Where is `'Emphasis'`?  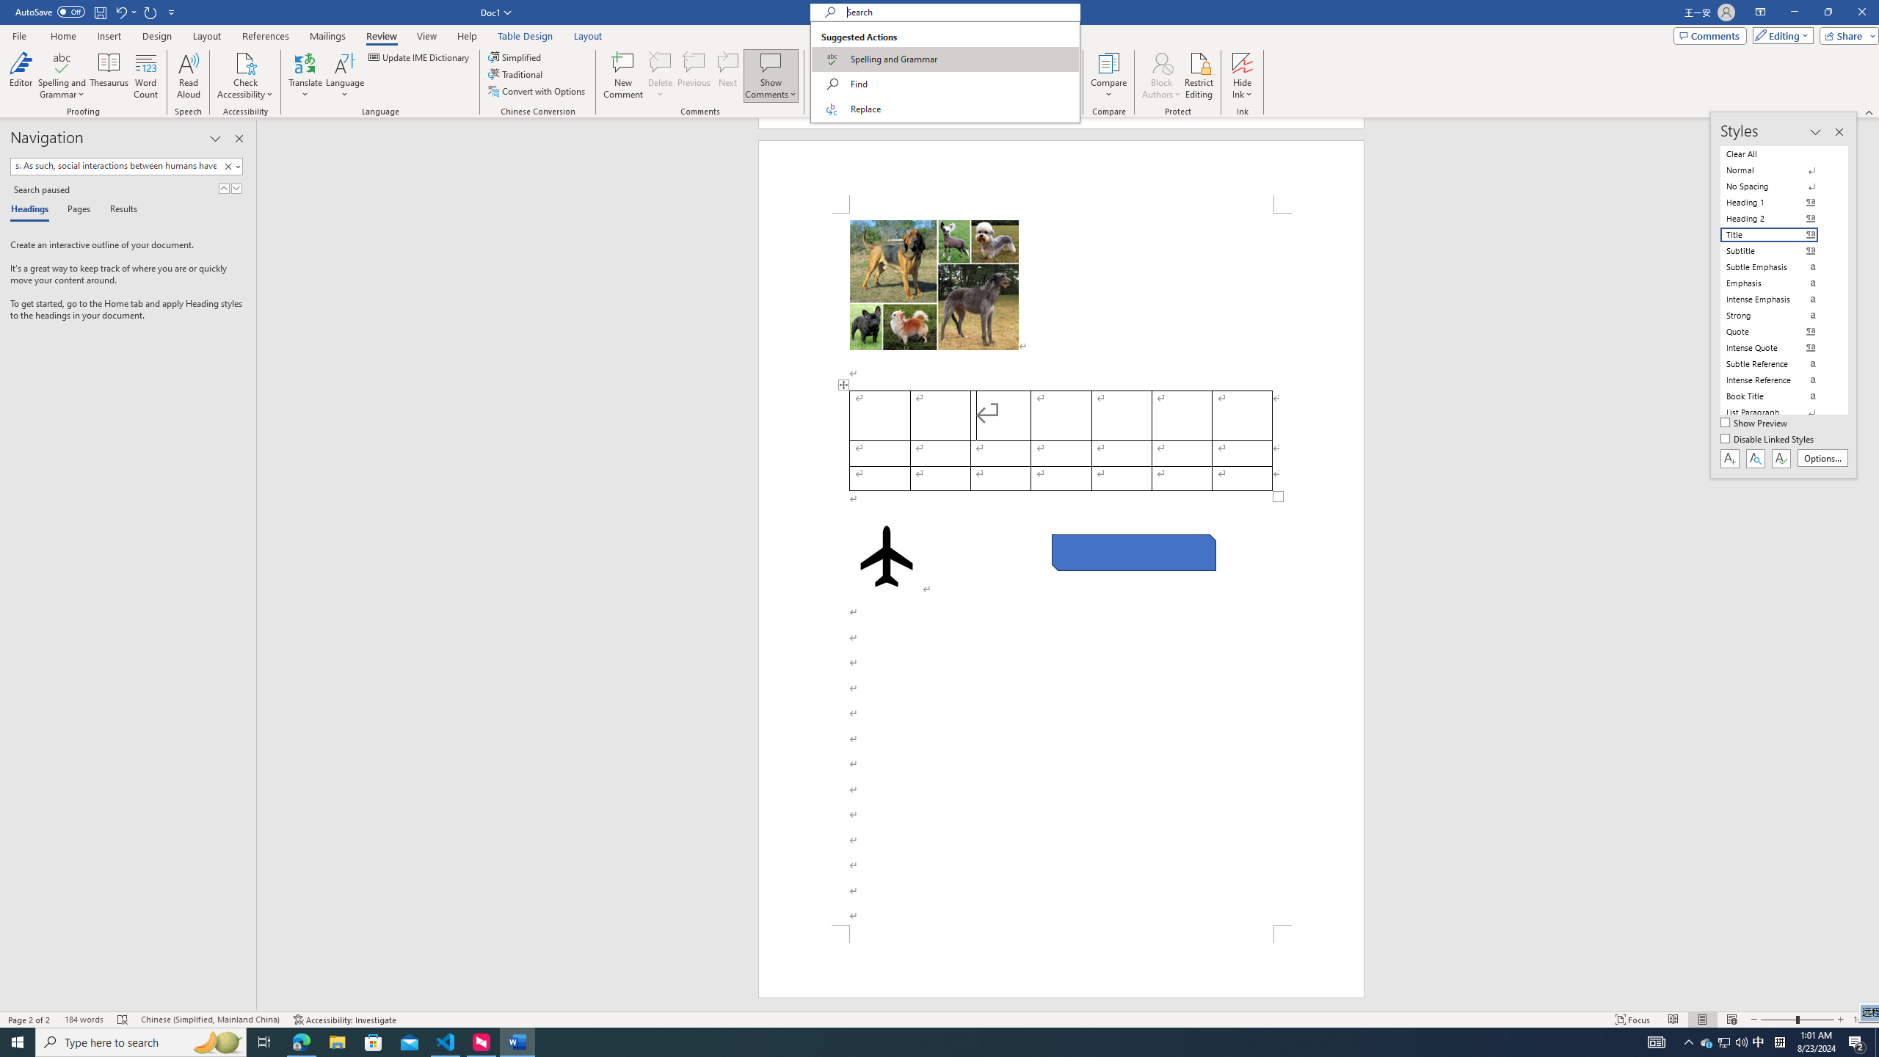 'Emphasis' is located at coordinates (1778, 282).